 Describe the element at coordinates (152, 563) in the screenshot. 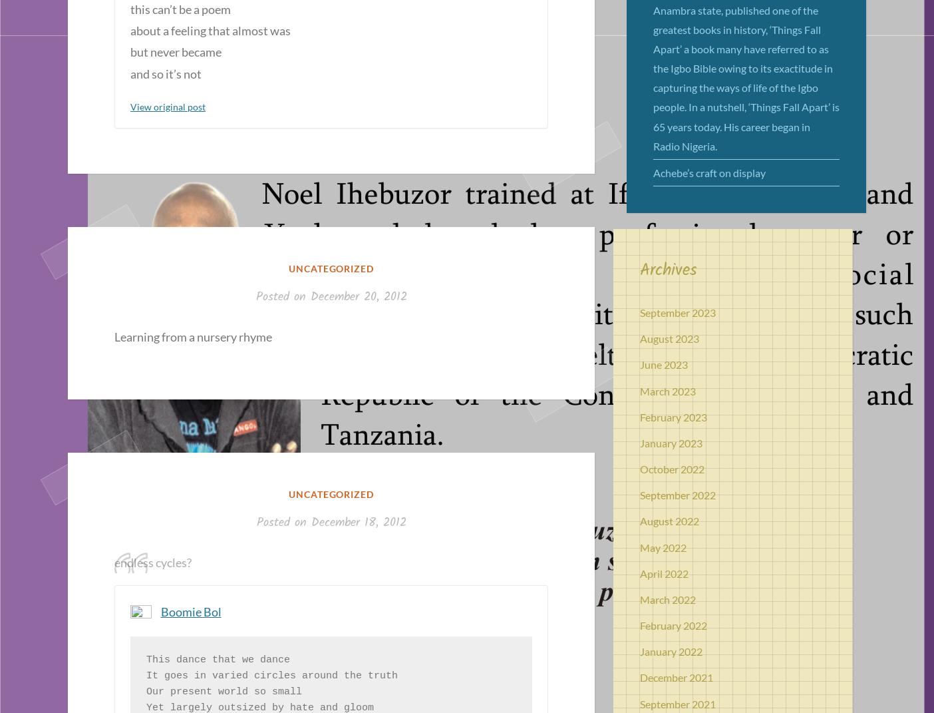

I see `'endless cycles?'` at that location.